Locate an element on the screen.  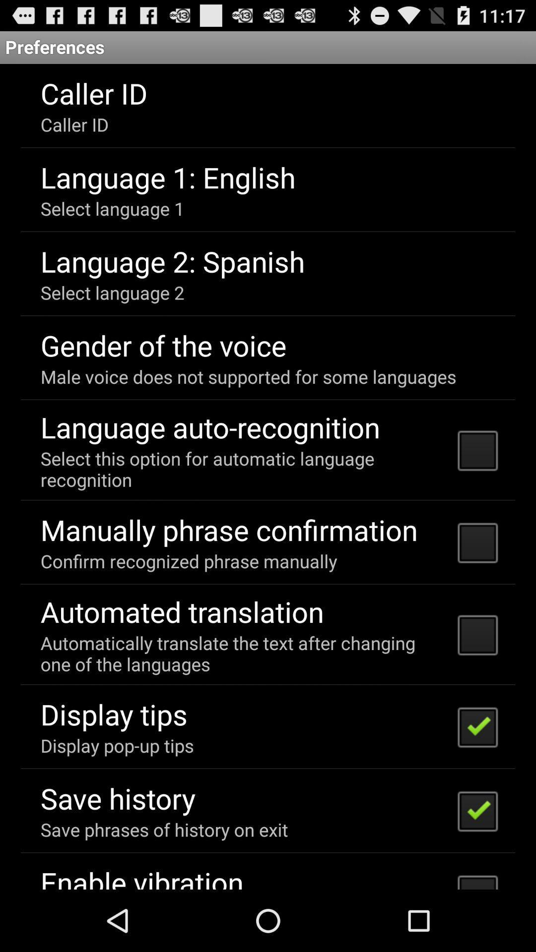
icon below preferences item is located at coordinates (268, 476).